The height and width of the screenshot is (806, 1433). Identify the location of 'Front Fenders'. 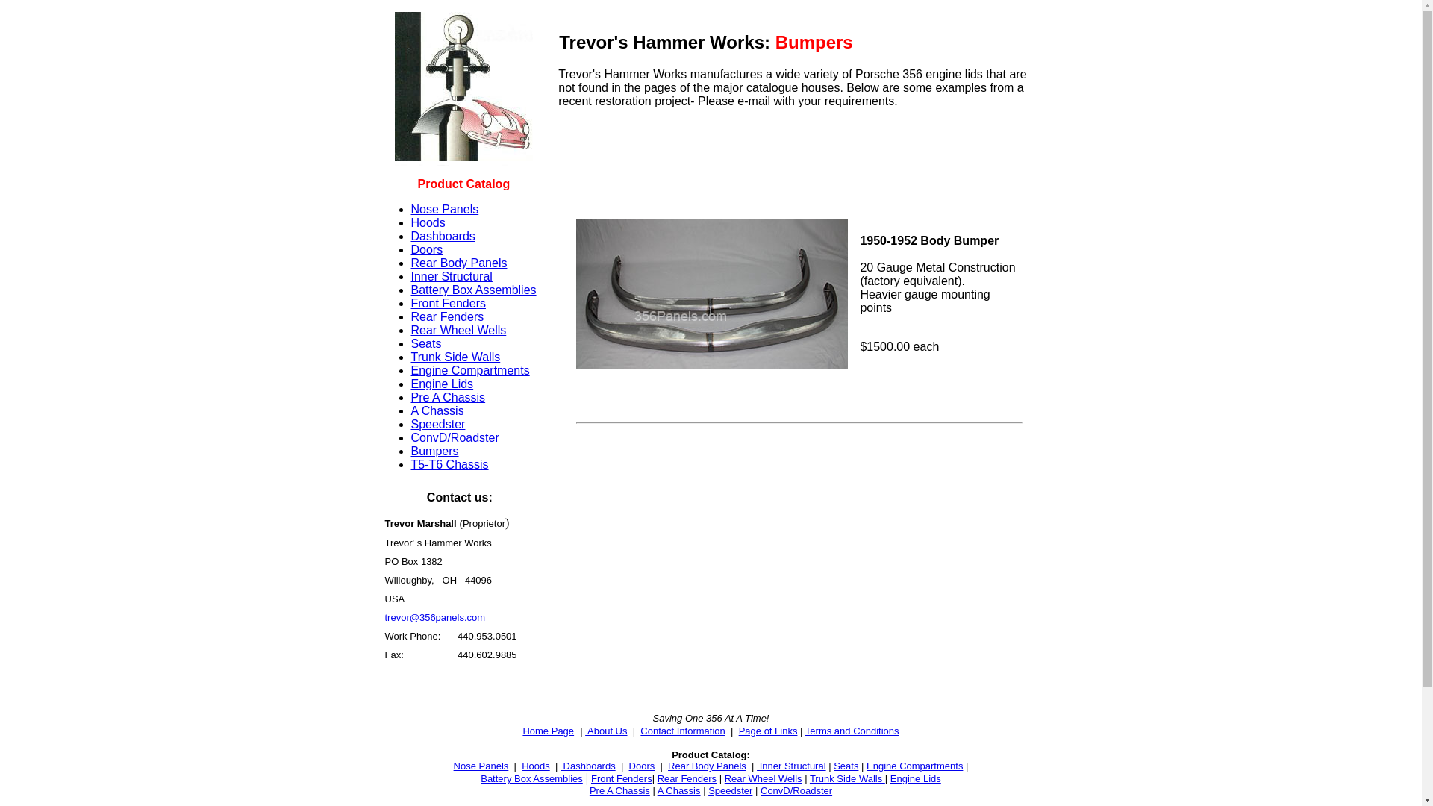
(622, 778).